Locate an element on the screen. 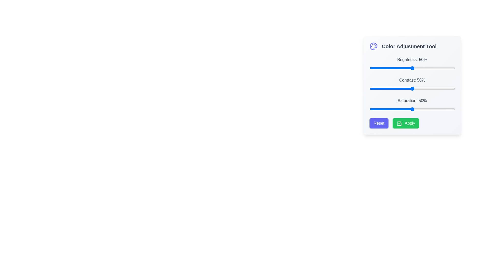 Image resolution: width=493 pixels, height=277 pixels. the contrast is located at coordinates (406, 88).